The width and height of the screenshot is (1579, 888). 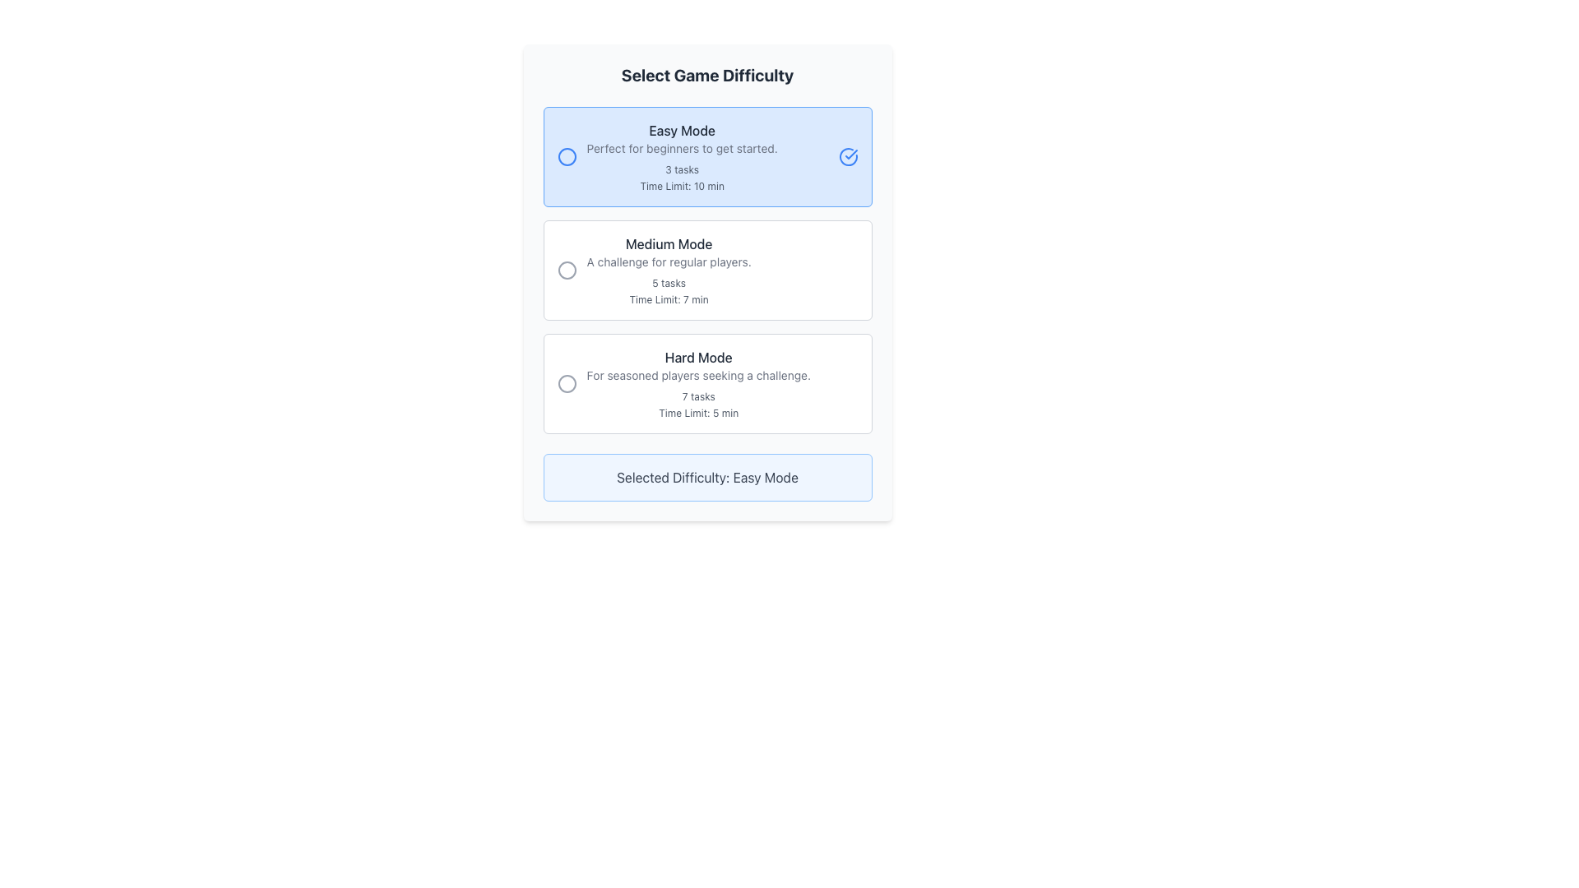 I want to click on the Circular graphical indicator located to the left of the 'Easy Mode' text in the uppermost card within the selection menu panel, so click(x=567, y=157).